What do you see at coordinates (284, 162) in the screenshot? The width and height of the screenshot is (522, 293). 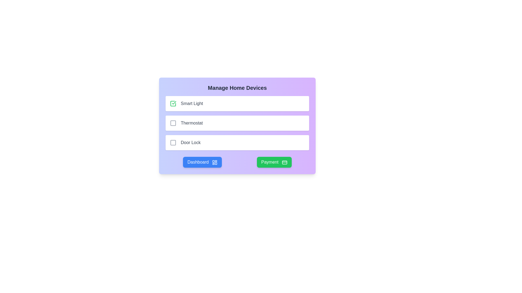 I see `the credit card icon located within the green 'Payment' button at the bottom-right corner of the interface` at bounding box center [284, 162].